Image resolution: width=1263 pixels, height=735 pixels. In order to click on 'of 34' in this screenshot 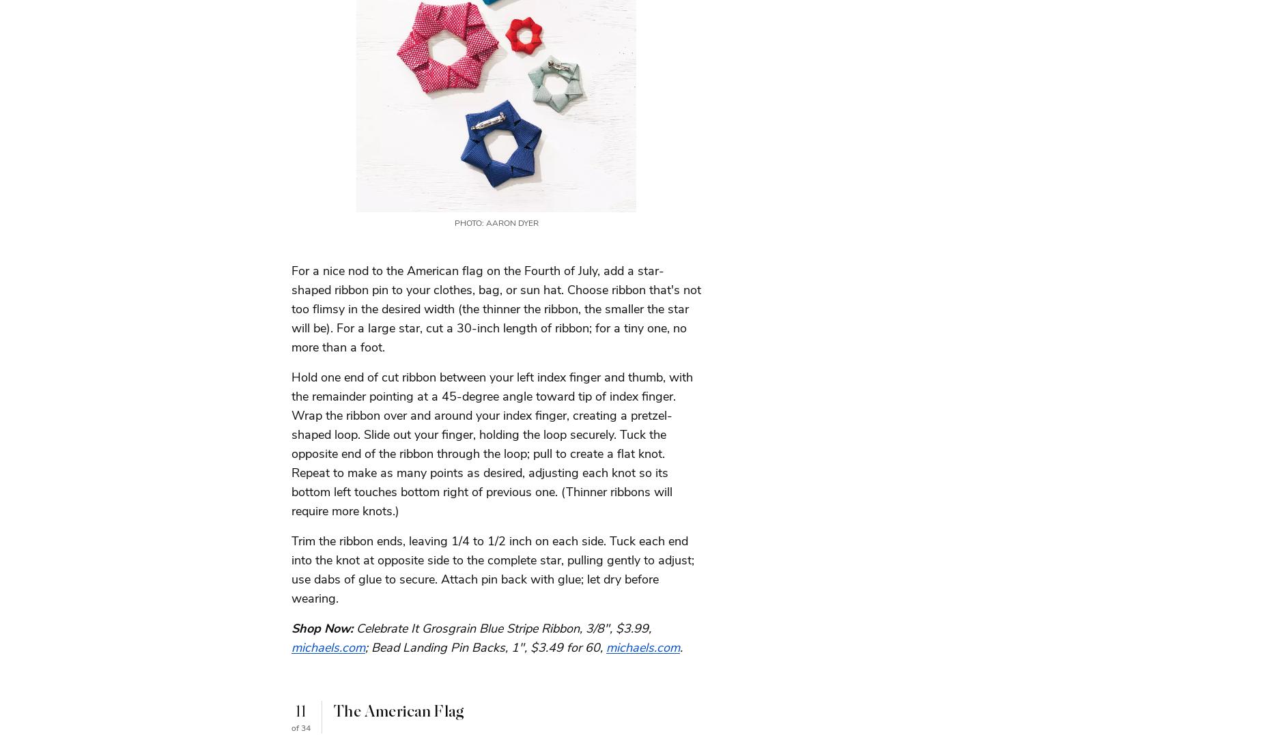, I will do `click(300, 727)`.